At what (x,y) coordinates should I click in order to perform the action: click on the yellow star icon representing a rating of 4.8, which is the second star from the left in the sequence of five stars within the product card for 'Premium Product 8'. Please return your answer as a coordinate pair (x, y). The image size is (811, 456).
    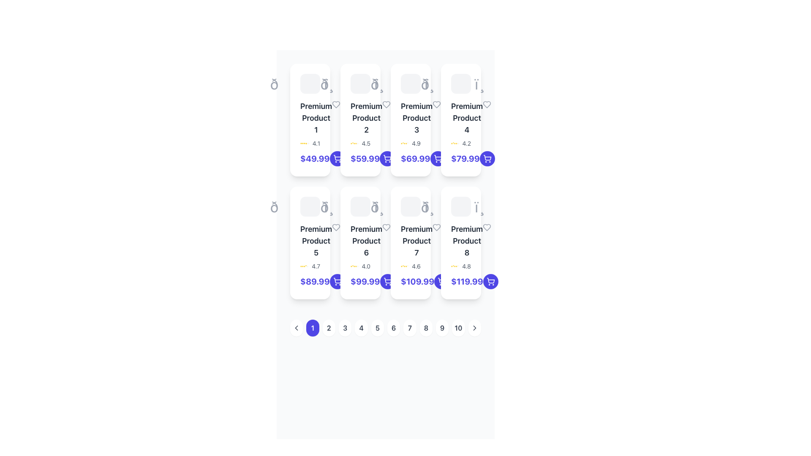
    Looking at the image, I should click on (453, 266).